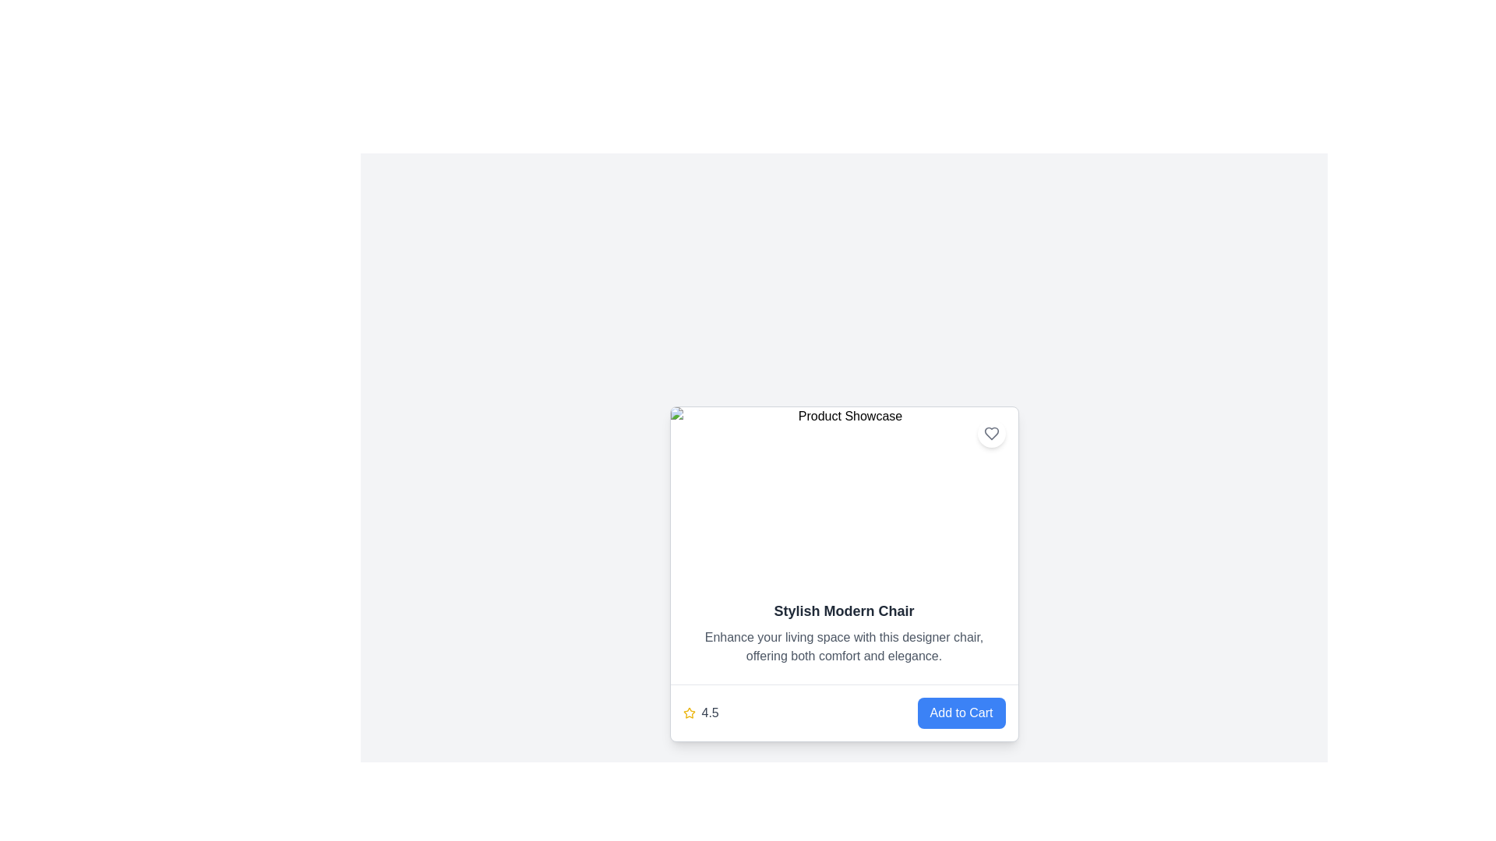 This screenshot has width=1496, height=841. What do you see at coordinates (990, 433) in the screenshot?
I see `the heart icon button located in the top-right corner of the product card to trigger hover effects` at bounding box center [990, 433].